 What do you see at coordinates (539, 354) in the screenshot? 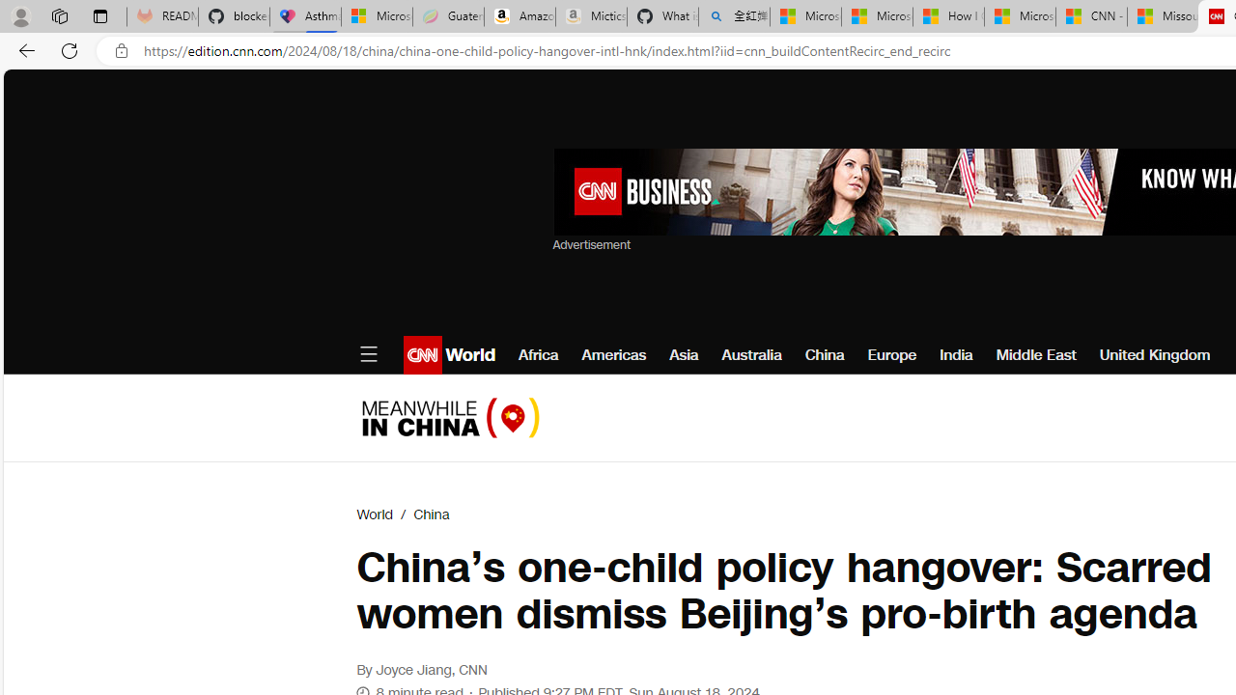
I see `'Africa'` at bounding box center [539, 354].